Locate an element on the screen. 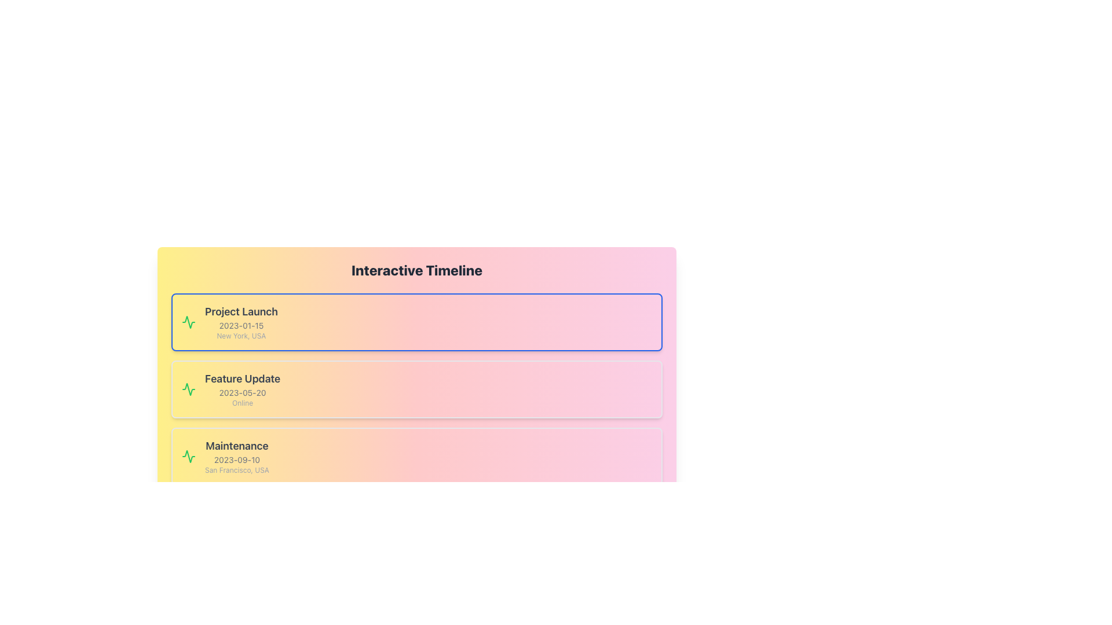 The width and height of the screenshot is (1112, 625). the date label indicating '2023-09-10' located in the 'Maintenance' section of the timeline, positioned between the title 'Maintenance' and the location 'San Francisco, USA' is located at coordinates (236, 459).